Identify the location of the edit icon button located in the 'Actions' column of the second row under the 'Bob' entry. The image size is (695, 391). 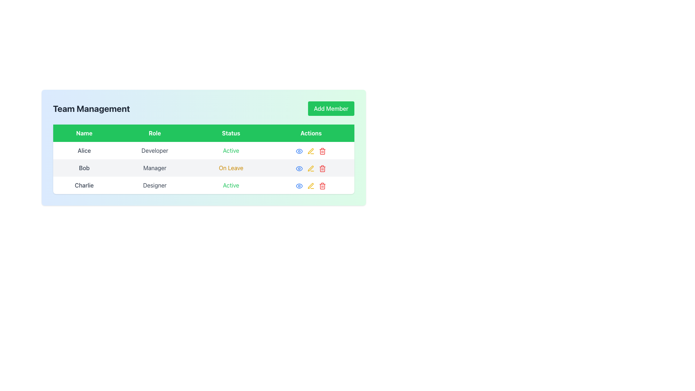
(311, 150).